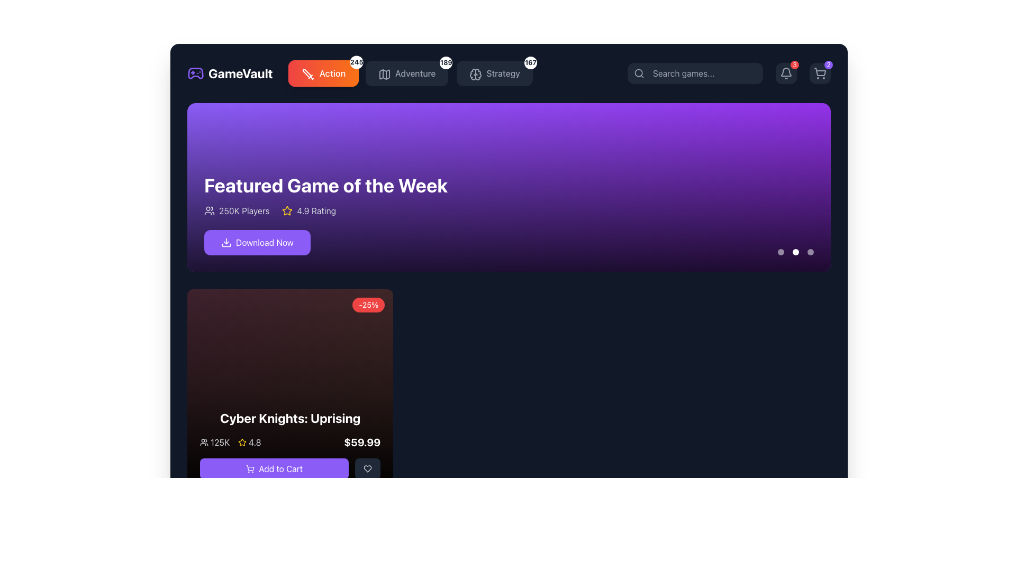  What do you see at coordinates (820, 71) in the screenshot?
I see `the main body of the shopping cart icon within the SVG graphic located near the top-right corner of the layout` at bounding box center [820, 71].